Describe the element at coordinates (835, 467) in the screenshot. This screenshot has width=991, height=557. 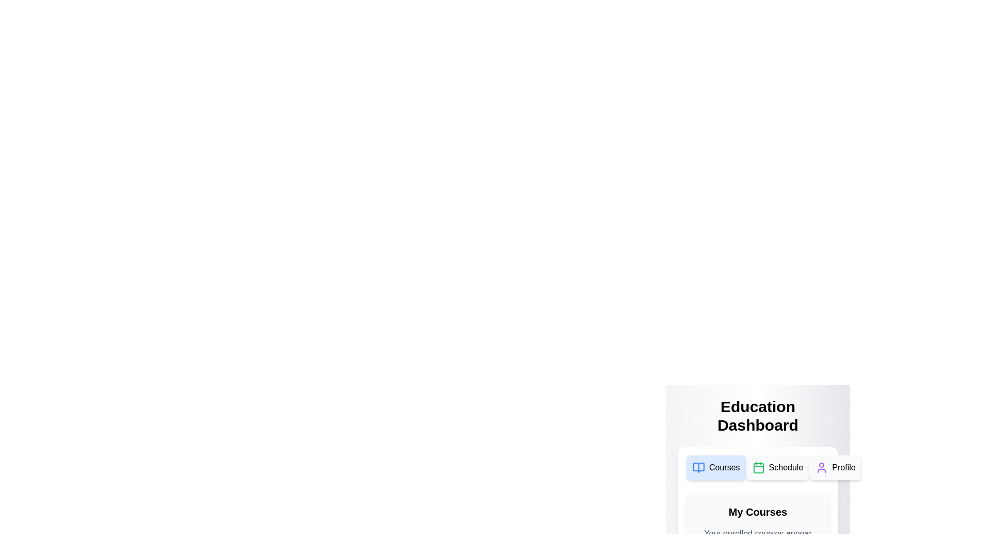
I see `the navigation button on the far right side of the horizontal row below the 'Education Dashboard' heading` at that location.